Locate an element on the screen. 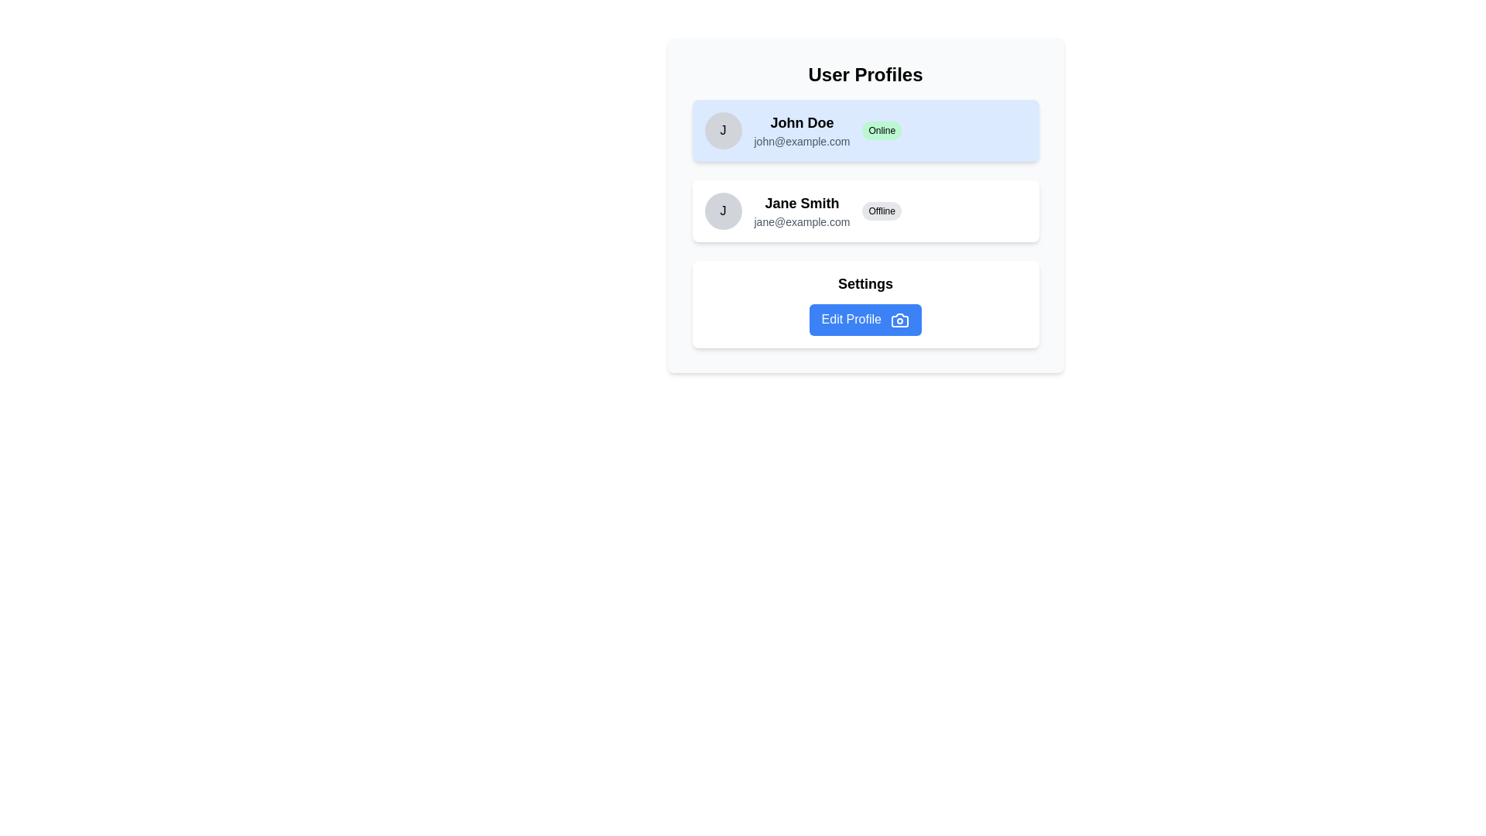 The width and height of the screenshot is (1486, 836). the text label displaying the email address 'john@example.com', which is styled in a small gray font and located below the user's name 'John Doe' in the user profile card is located at coordinates (802, 141).